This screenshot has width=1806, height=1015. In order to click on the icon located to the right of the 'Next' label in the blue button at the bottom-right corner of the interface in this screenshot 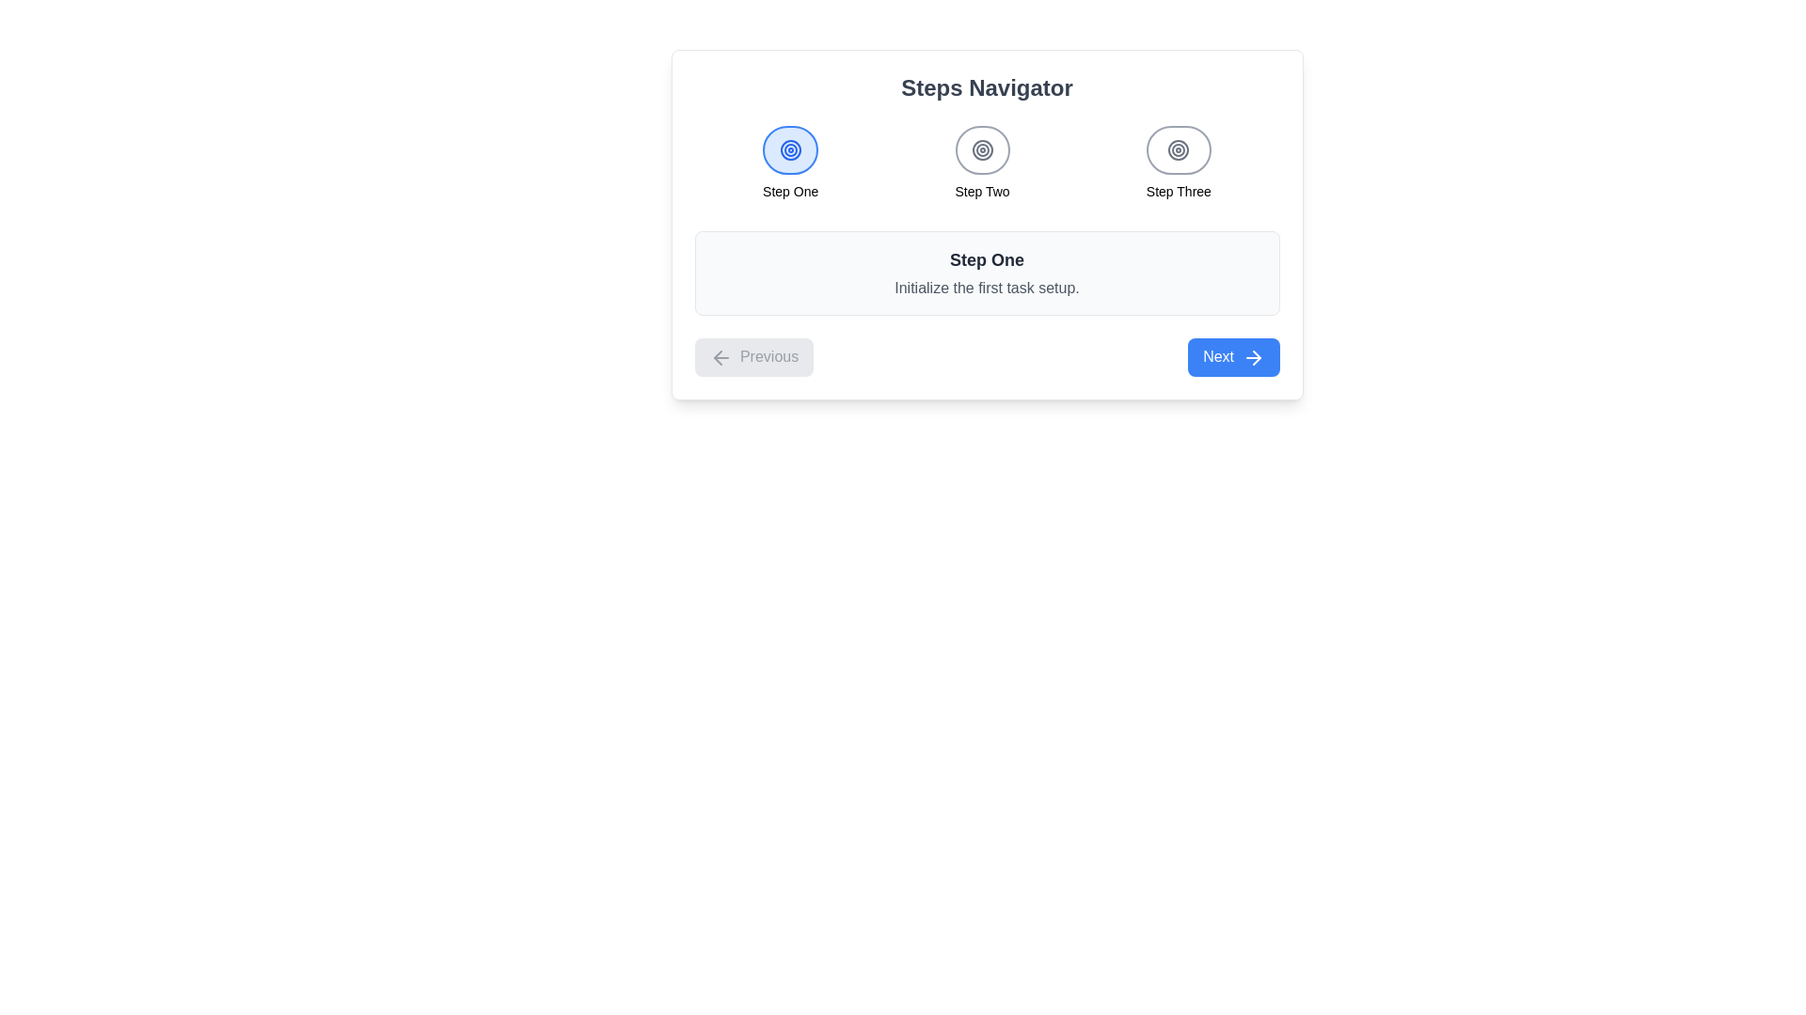, I will do `click(1253, 357)`.